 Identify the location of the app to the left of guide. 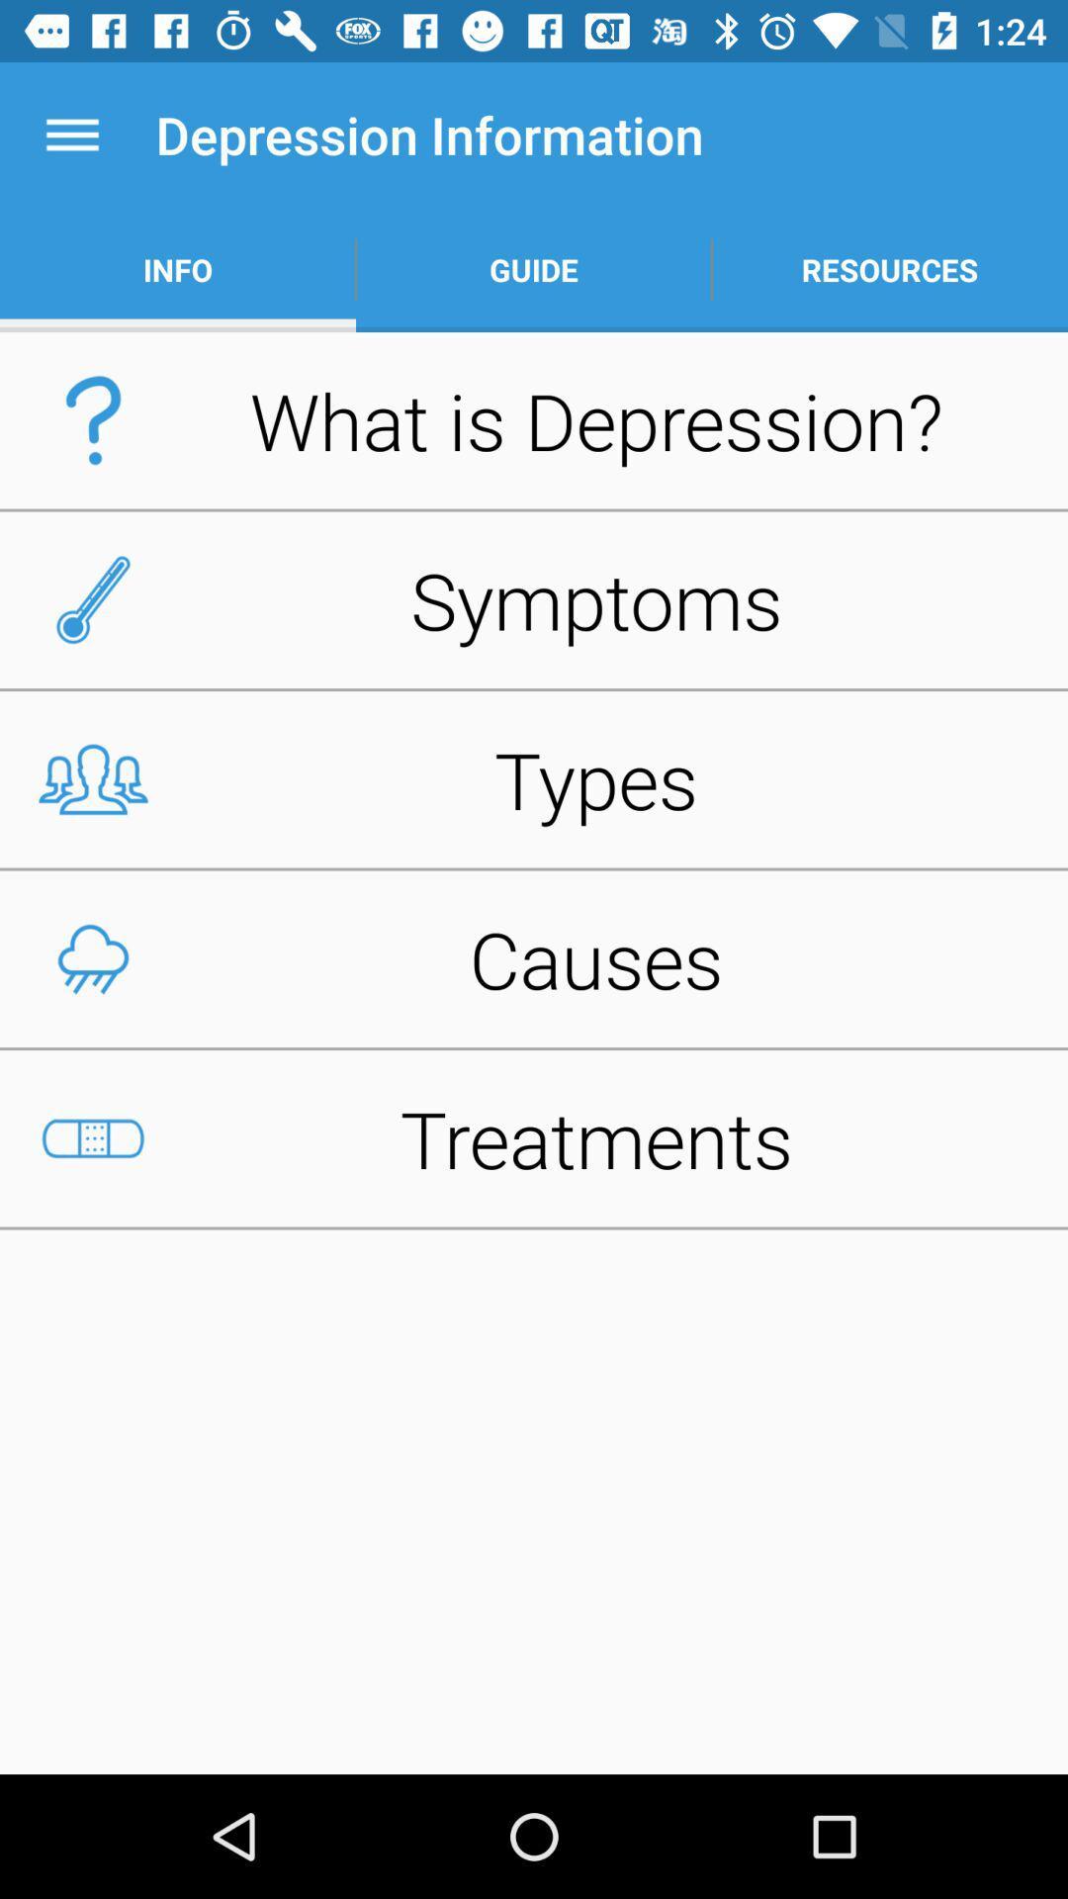
(178, 269).